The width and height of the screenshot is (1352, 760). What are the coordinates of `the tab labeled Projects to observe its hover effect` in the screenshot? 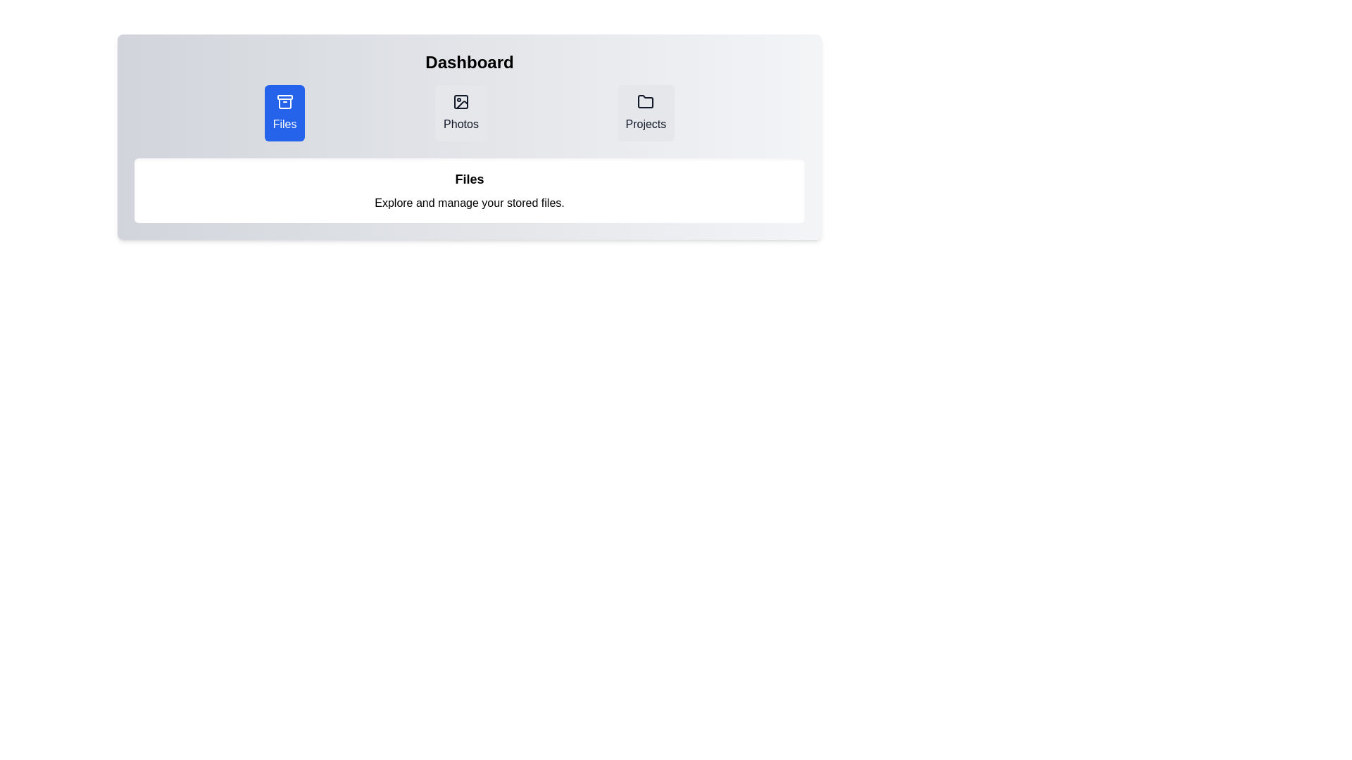 It's located at (645, 113).